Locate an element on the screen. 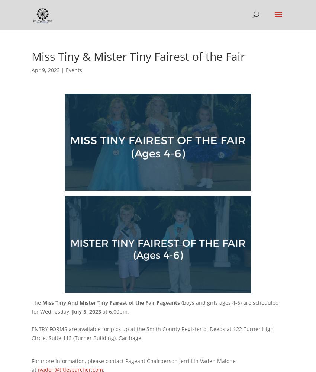  'The' is located at coordinates (36, 302).